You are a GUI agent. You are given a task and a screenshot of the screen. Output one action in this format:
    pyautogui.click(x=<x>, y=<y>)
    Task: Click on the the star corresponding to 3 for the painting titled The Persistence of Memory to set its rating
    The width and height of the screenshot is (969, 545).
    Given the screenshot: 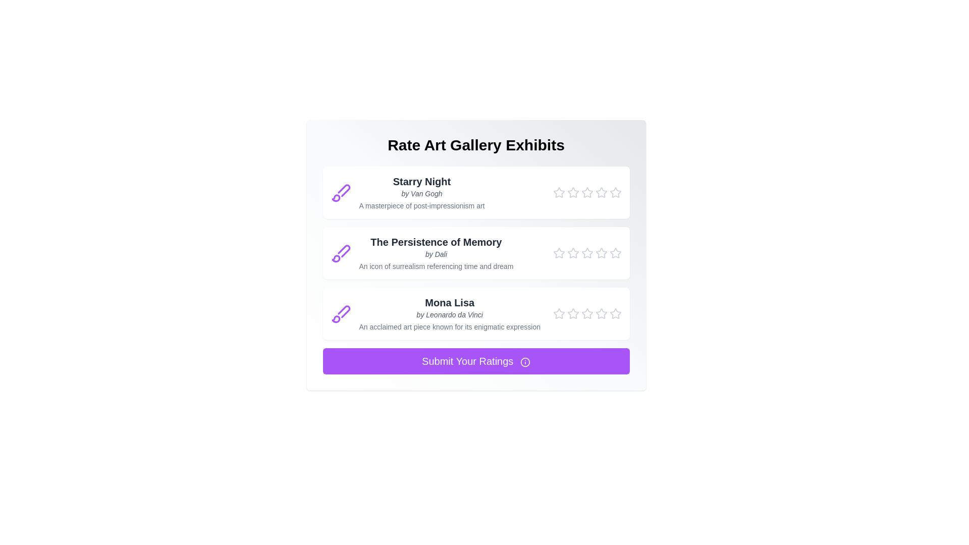 What is the action you would take?
    pyautogui.click(x=587, y=252)
    